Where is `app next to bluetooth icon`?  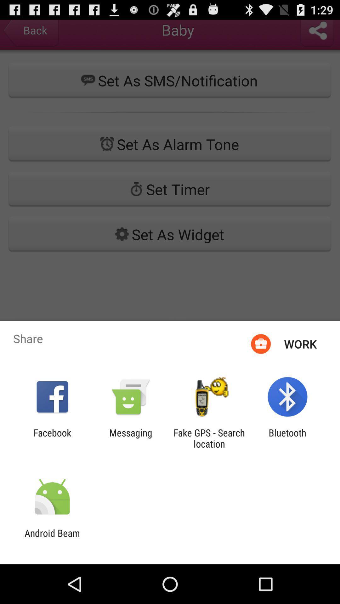
app next to bluetooth icon is located at coordinates (209, 438).